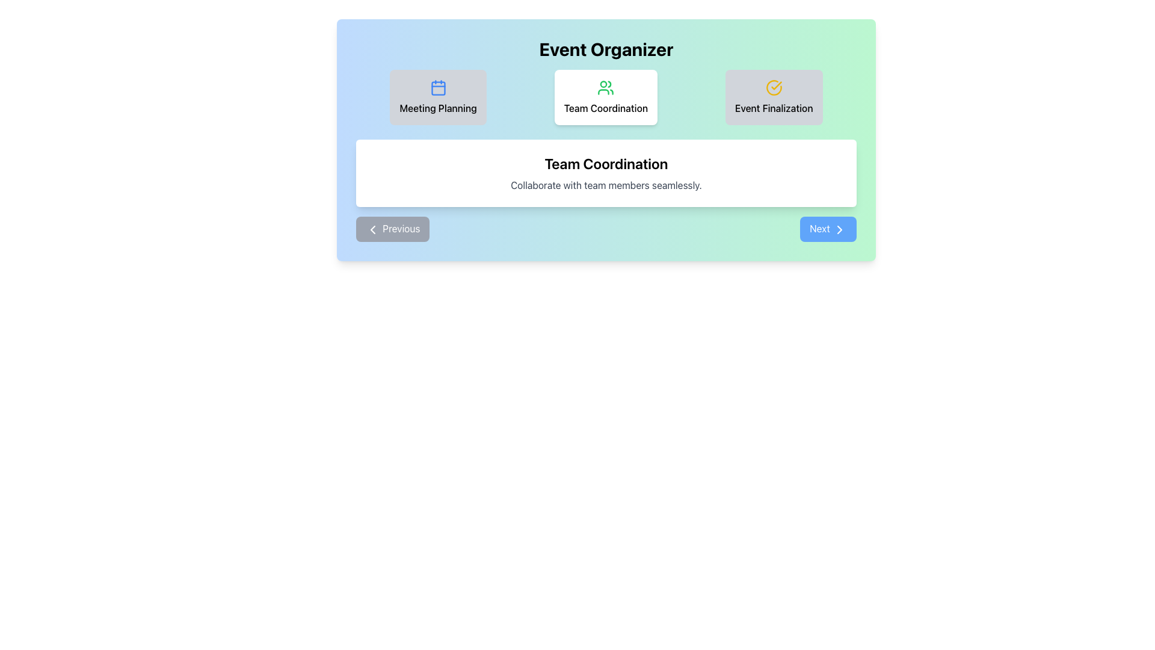  Describe the element at coordinates (839, 229) in the screenshot. I see `the right-facing chevron icon within the 'Next' button located at the bottom-right corner of the interface` at that location.